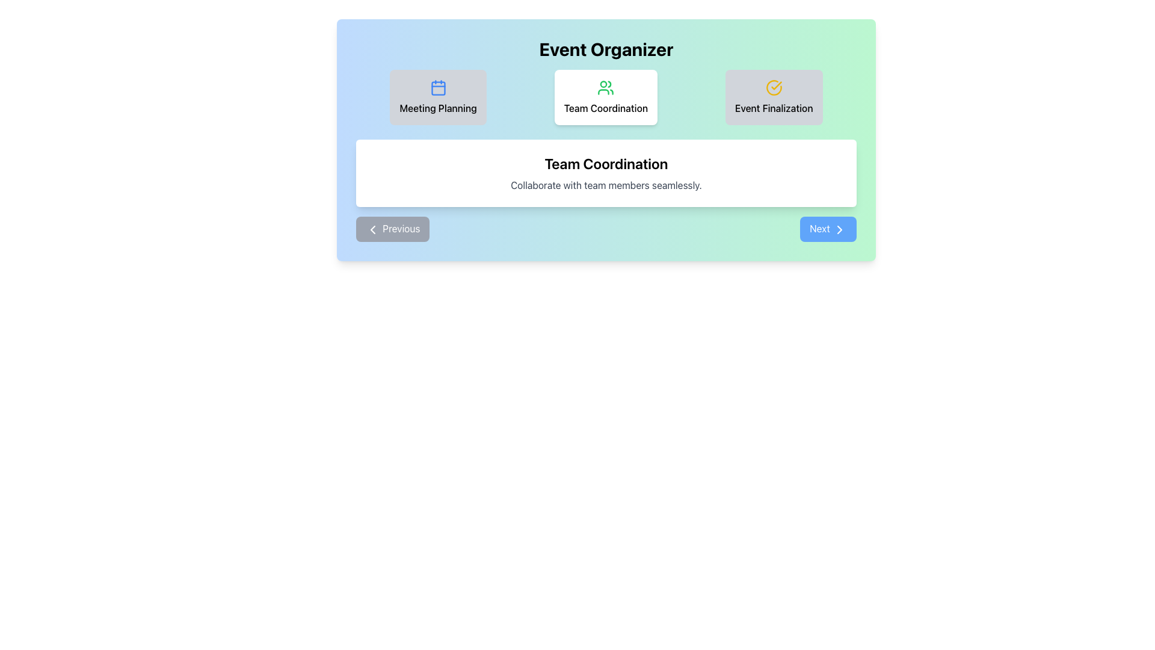  Describe the element at coordinates (839, 229) in the screenshot. I see `the right-facing chevron icon within the 'Next' button located at the bottom-right corner of the interface` at that location.